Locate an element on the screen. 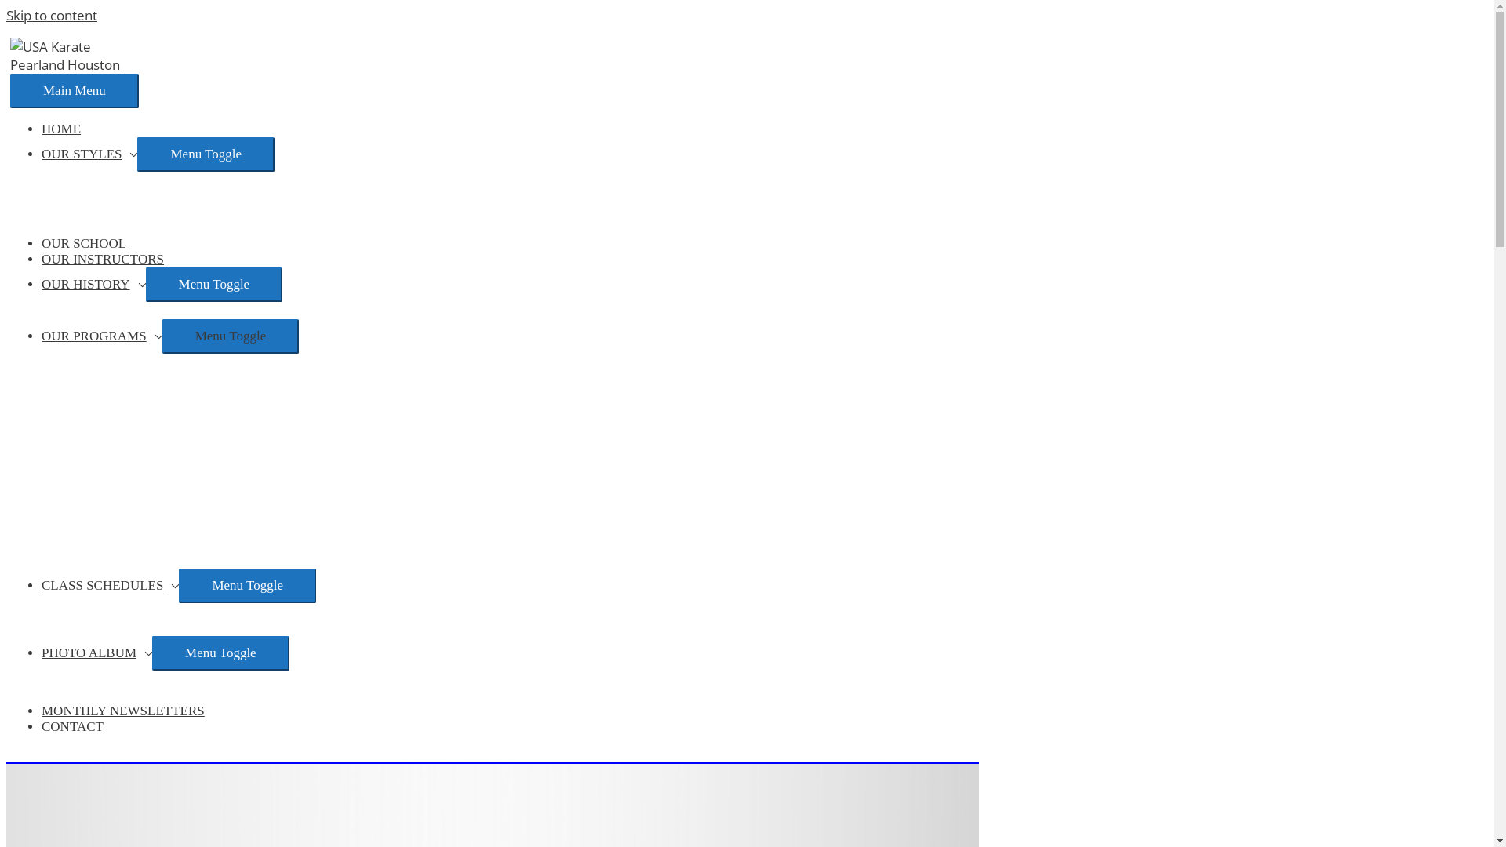 Image resolution: width=1506 pixels, height=847 pixels. 'Menu Toggle' is located at coordinates (230, 335).